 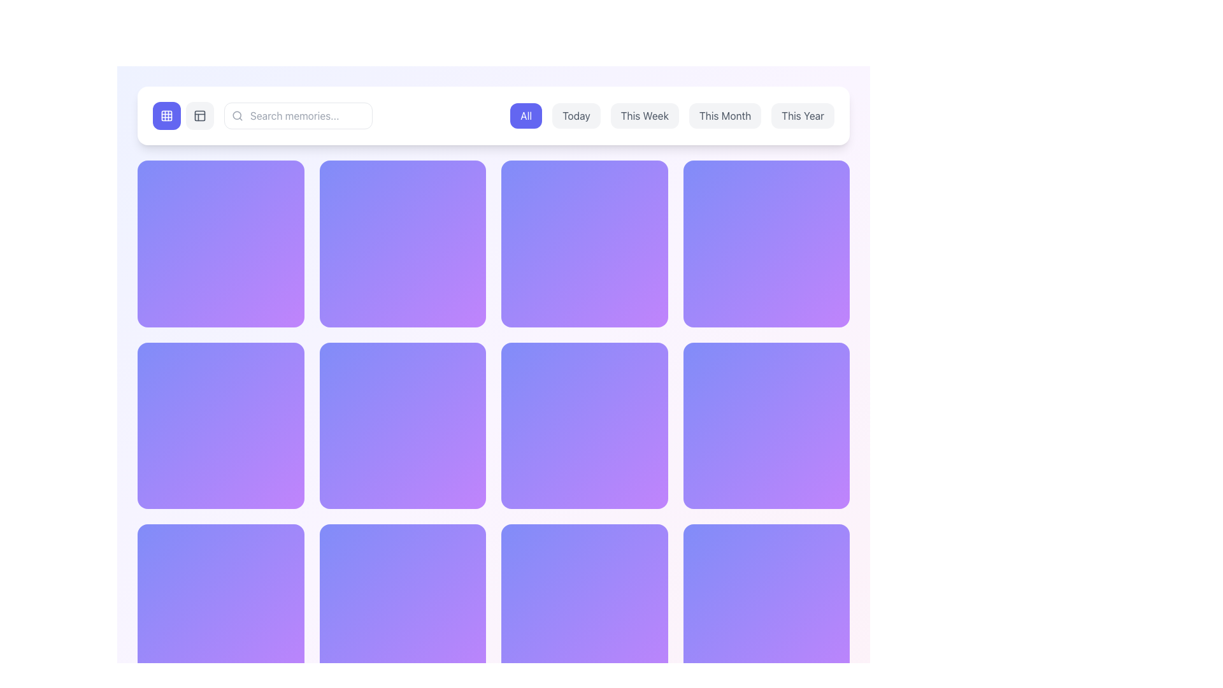 What do you see at coordinates (152, 477) in the screenshot?
I see `the circular element that is part of an SVG graphic symbolizing a clock, located in the lower-left quadrant of the page` at bounding box center [152, 477].